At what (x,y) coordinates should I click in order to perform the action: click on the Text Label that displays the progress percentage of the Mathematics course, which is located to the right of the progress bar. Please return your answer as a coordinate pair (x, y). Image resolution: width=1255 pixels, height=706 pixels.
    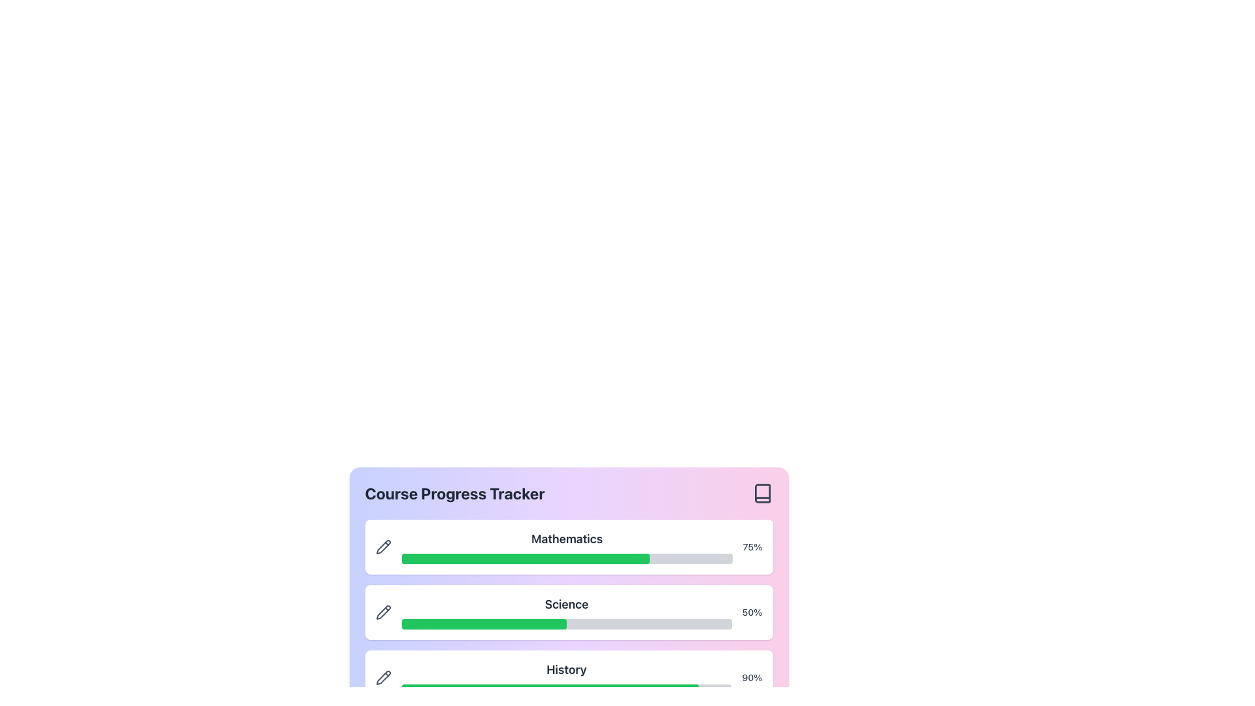
    Looking at the image, I should click on (752, 547).